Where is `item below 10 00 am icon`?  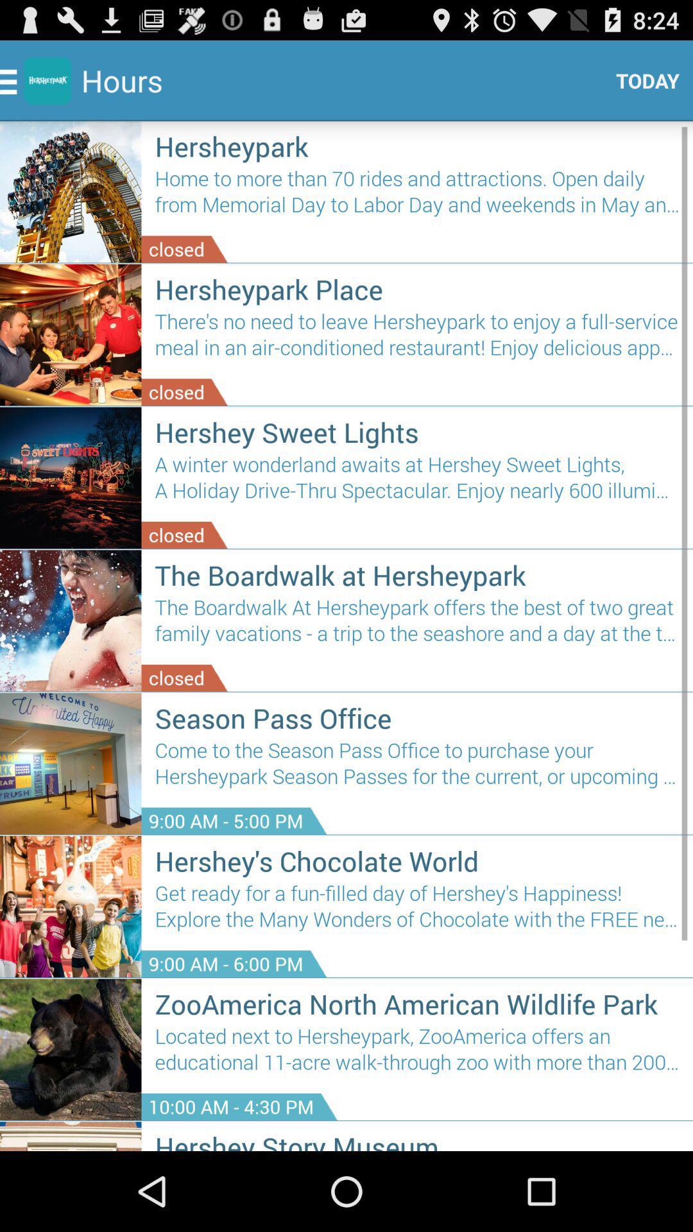
item below 10 00 am icon is located at coordinates (417, 1140).